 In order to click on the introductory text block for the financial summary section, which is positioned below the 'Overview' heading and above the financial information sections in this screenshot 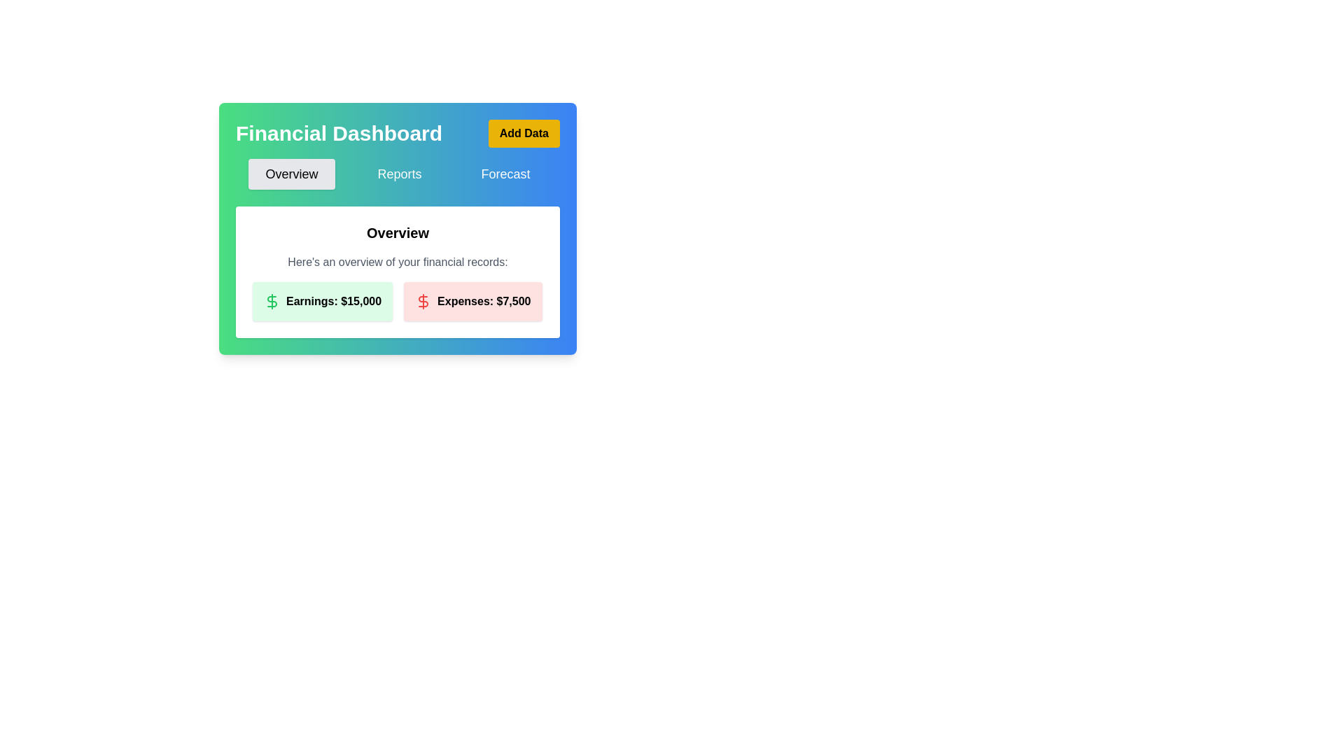, I will do `click(397, 262)`.